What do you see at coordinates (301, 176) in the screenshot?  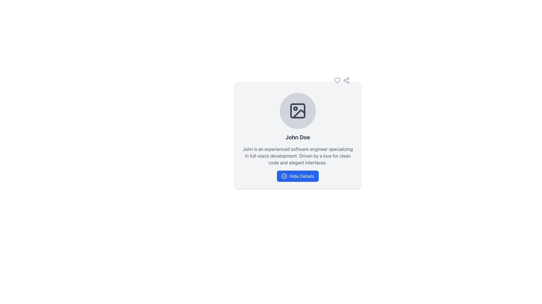 I see `the Text Label within the rounded blue button at the bottom center of the user details card` at bounding box center [301, 176].